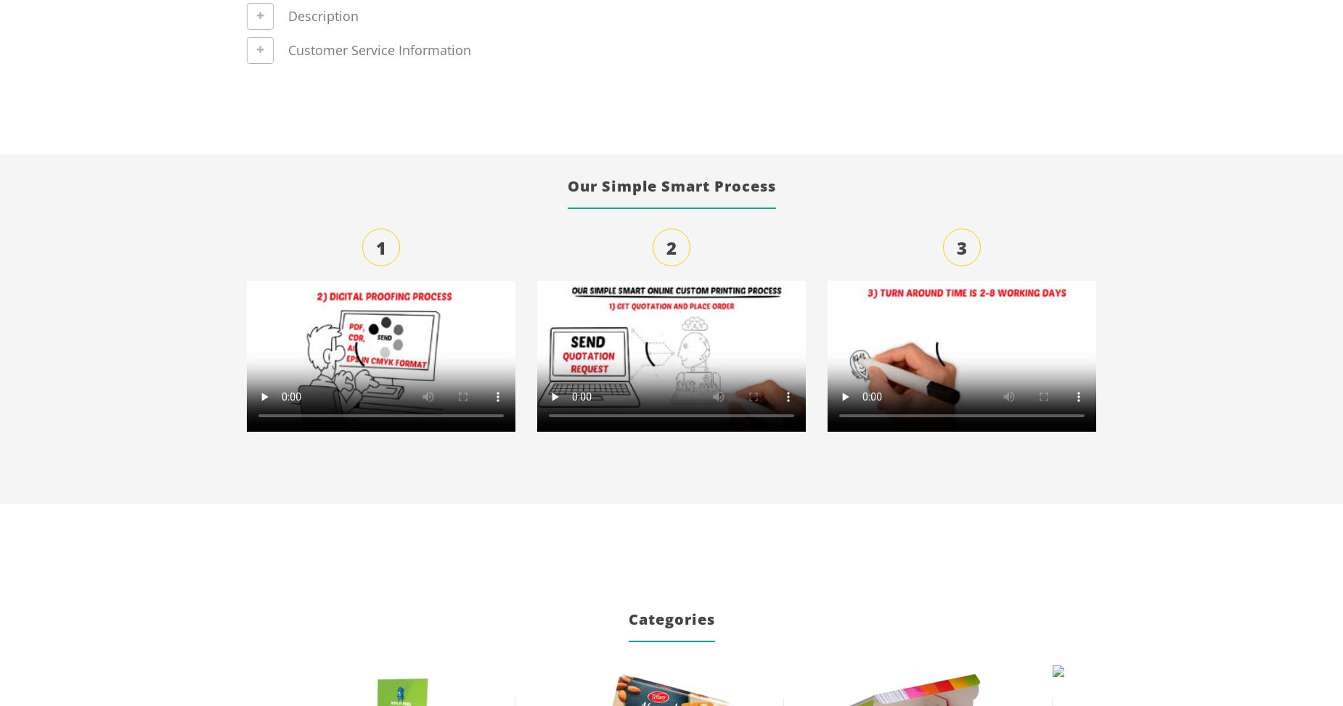  I want to click on 'Categories', so click(671, 619).